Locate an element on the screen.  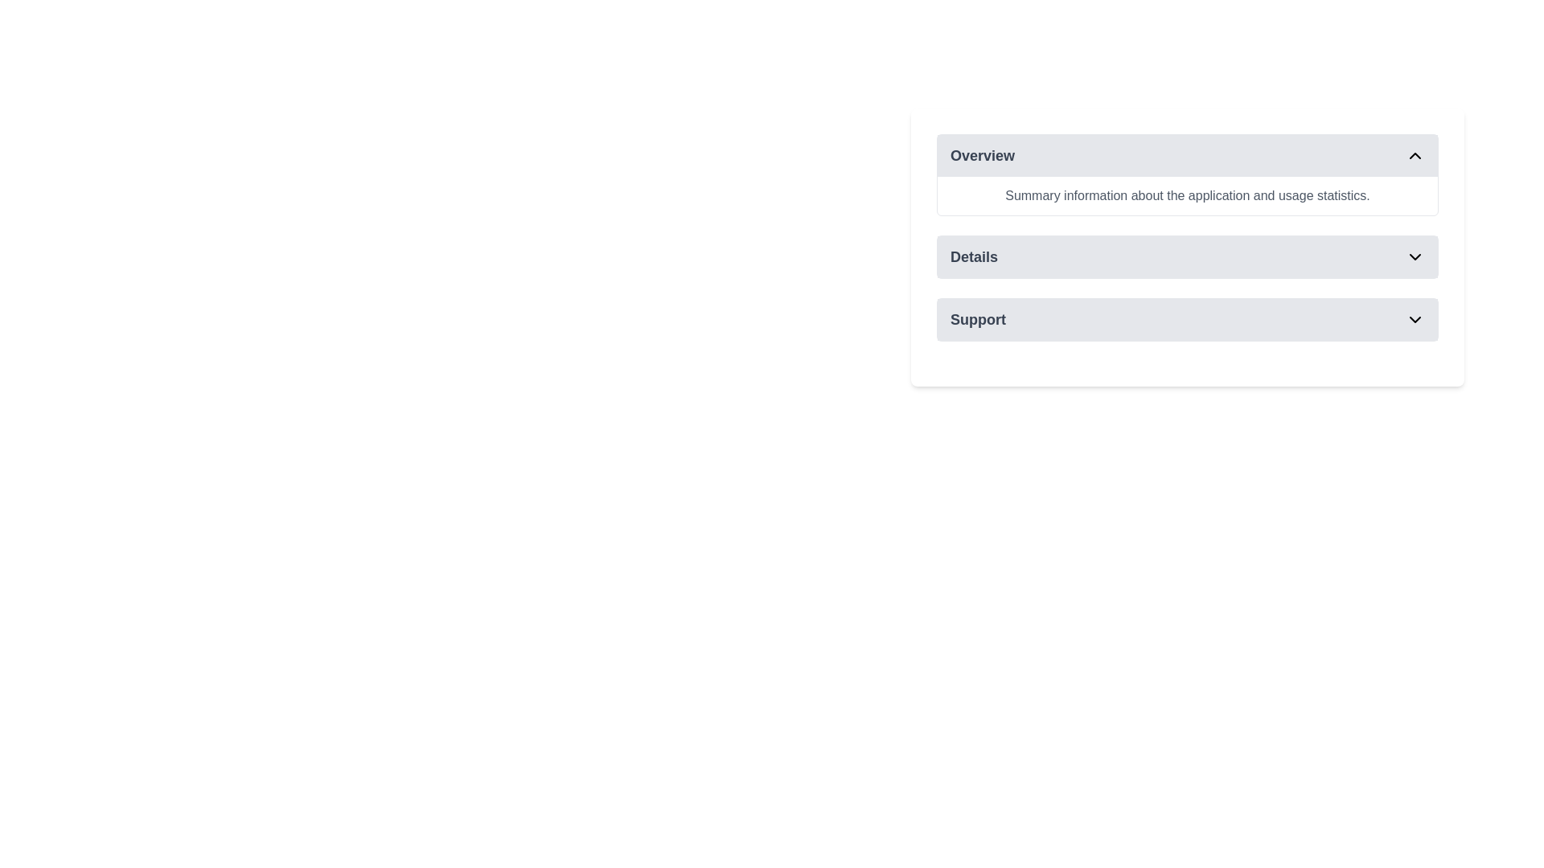
the Text Label located directly beneath the 'Overview' section header, which provides additional context or information about the section is located at coordinates (1188, 194).